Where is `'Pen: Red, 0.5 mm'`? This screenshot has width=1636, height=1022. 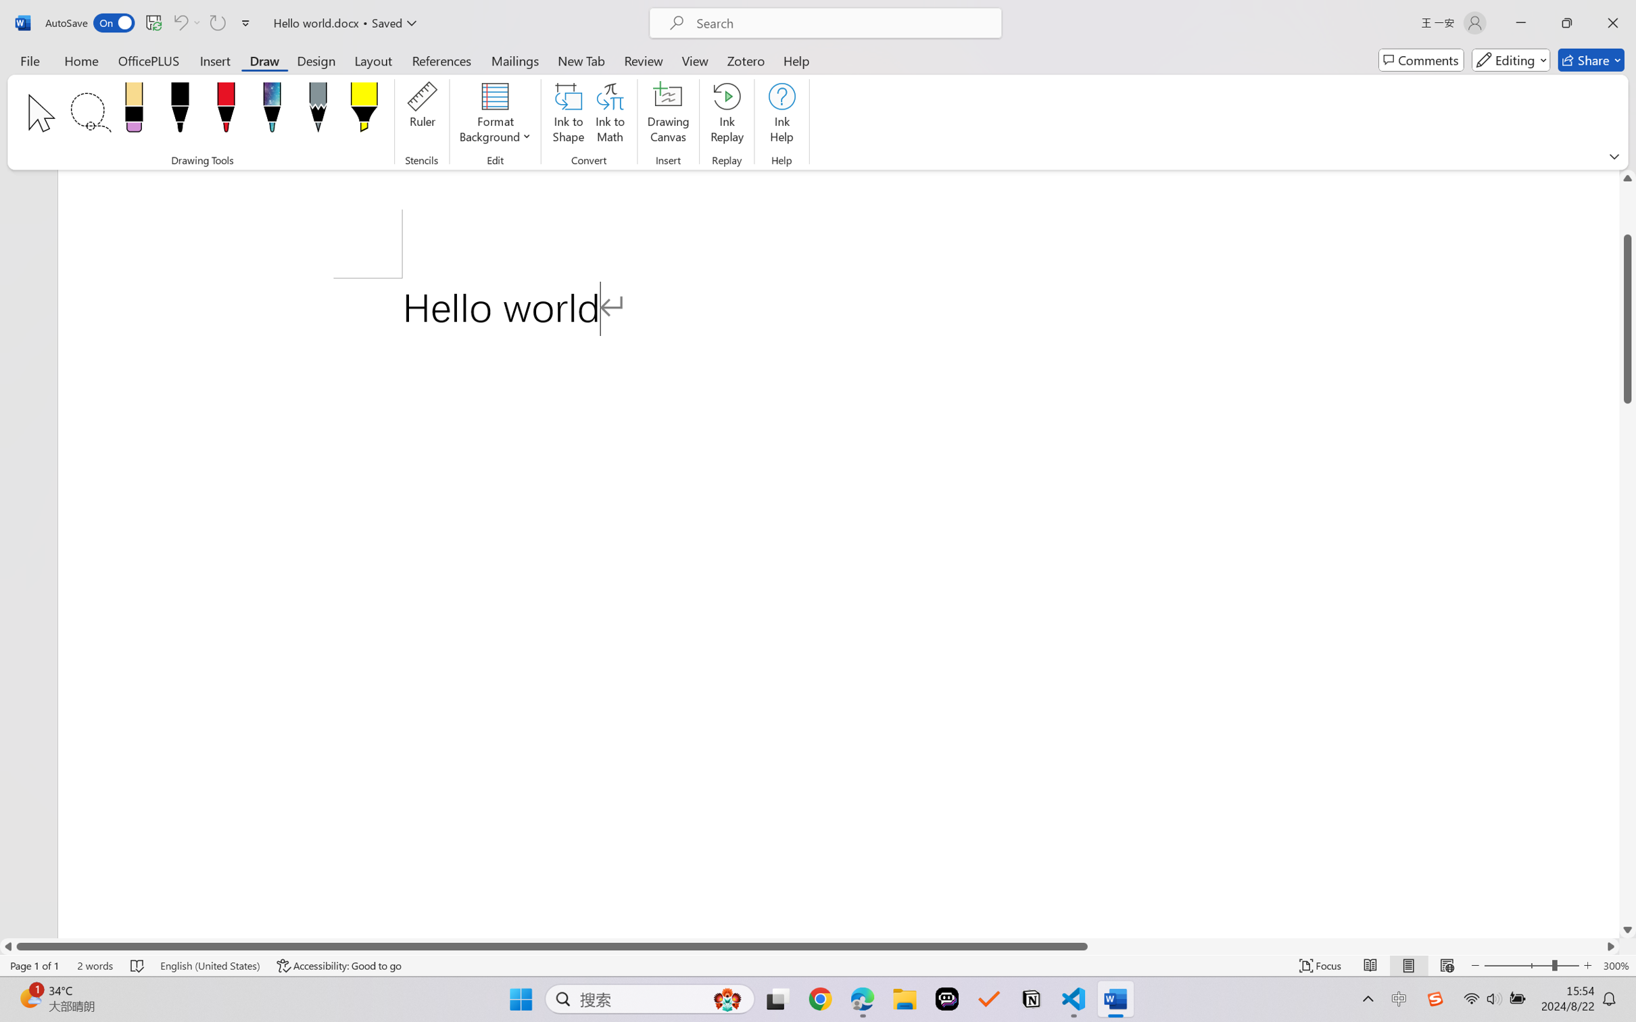 'Pen: Red, 0.5 mm' is located at coordinates (225, 110).